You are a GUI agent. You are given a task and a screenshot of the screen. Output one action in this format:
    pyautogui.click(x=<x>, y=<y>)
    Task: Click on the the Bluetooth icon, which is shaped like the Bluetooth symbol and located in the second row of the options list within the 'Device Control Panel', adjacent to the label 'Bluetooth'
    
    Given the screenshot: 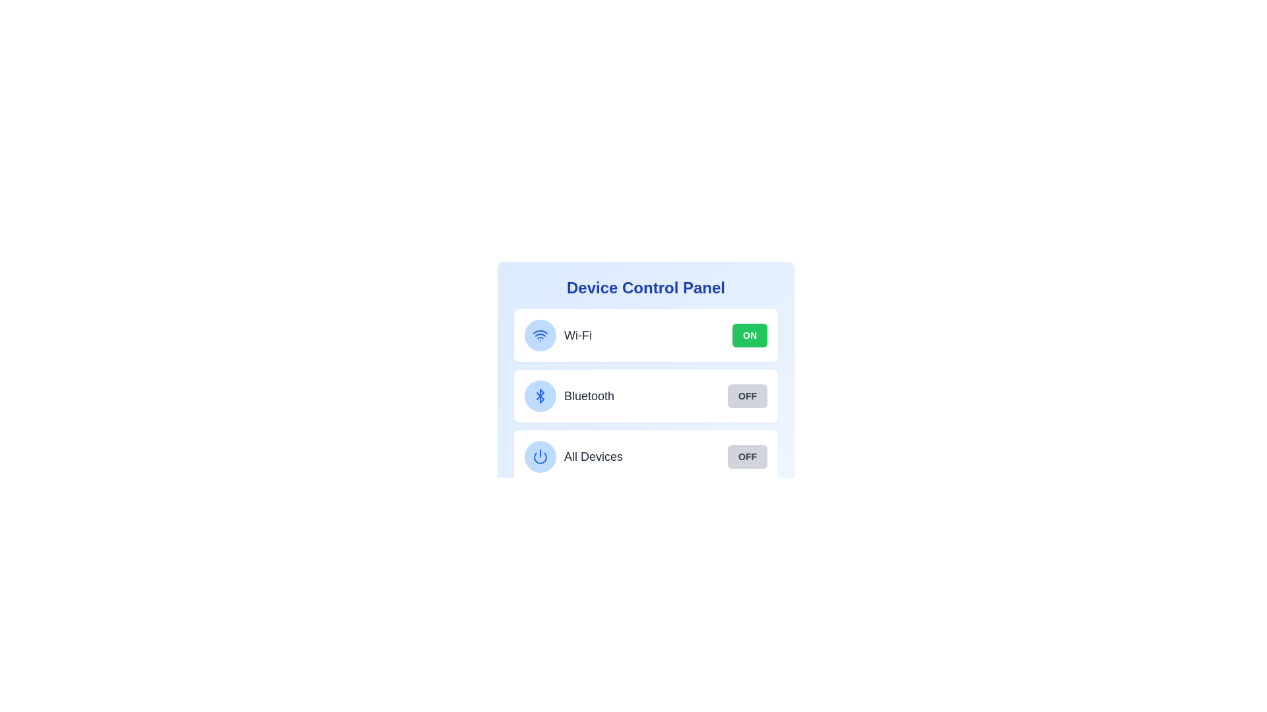 What is the action you would take?
    pyautogui.click(x=540, y=396)
    